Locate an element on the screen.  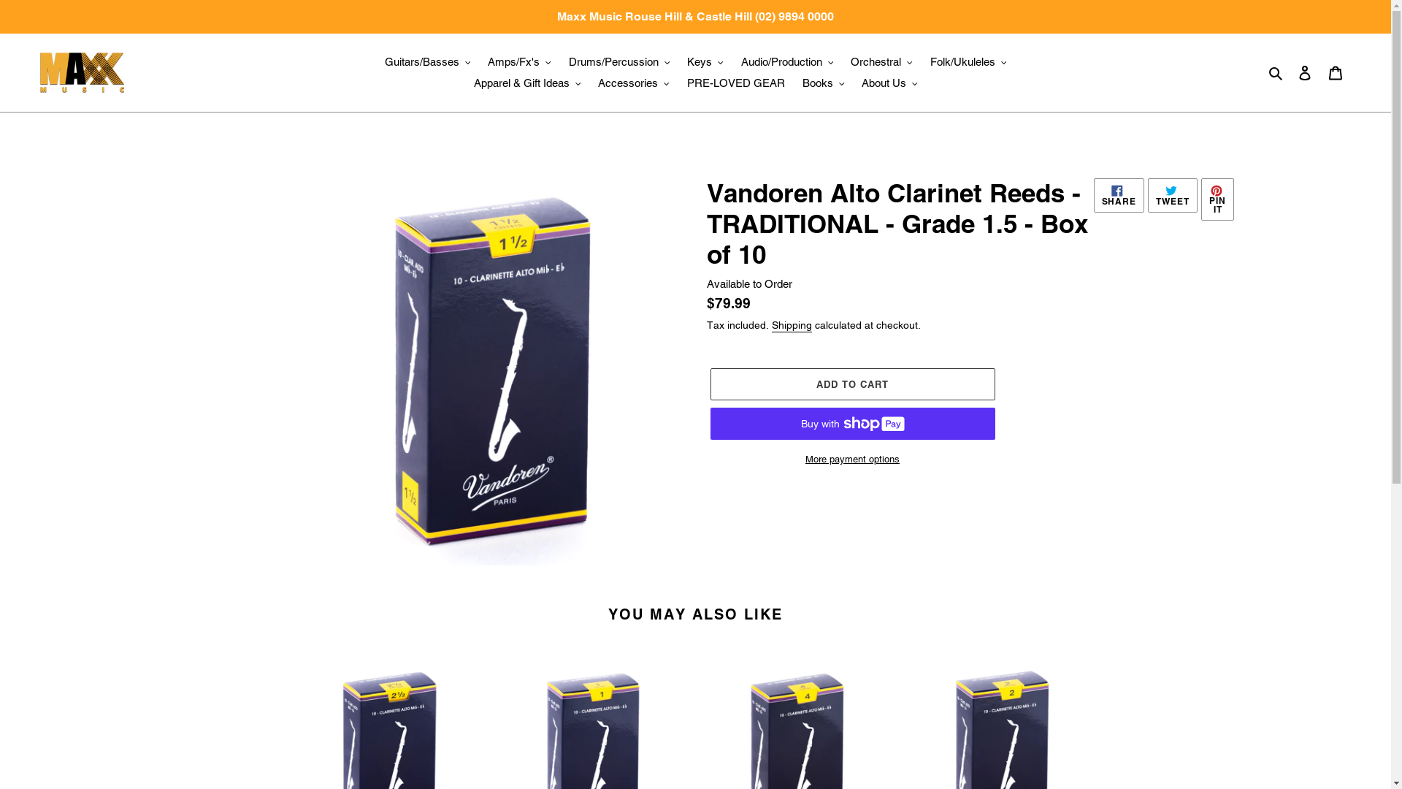
'Keys' is located at coordinates (705, 61).